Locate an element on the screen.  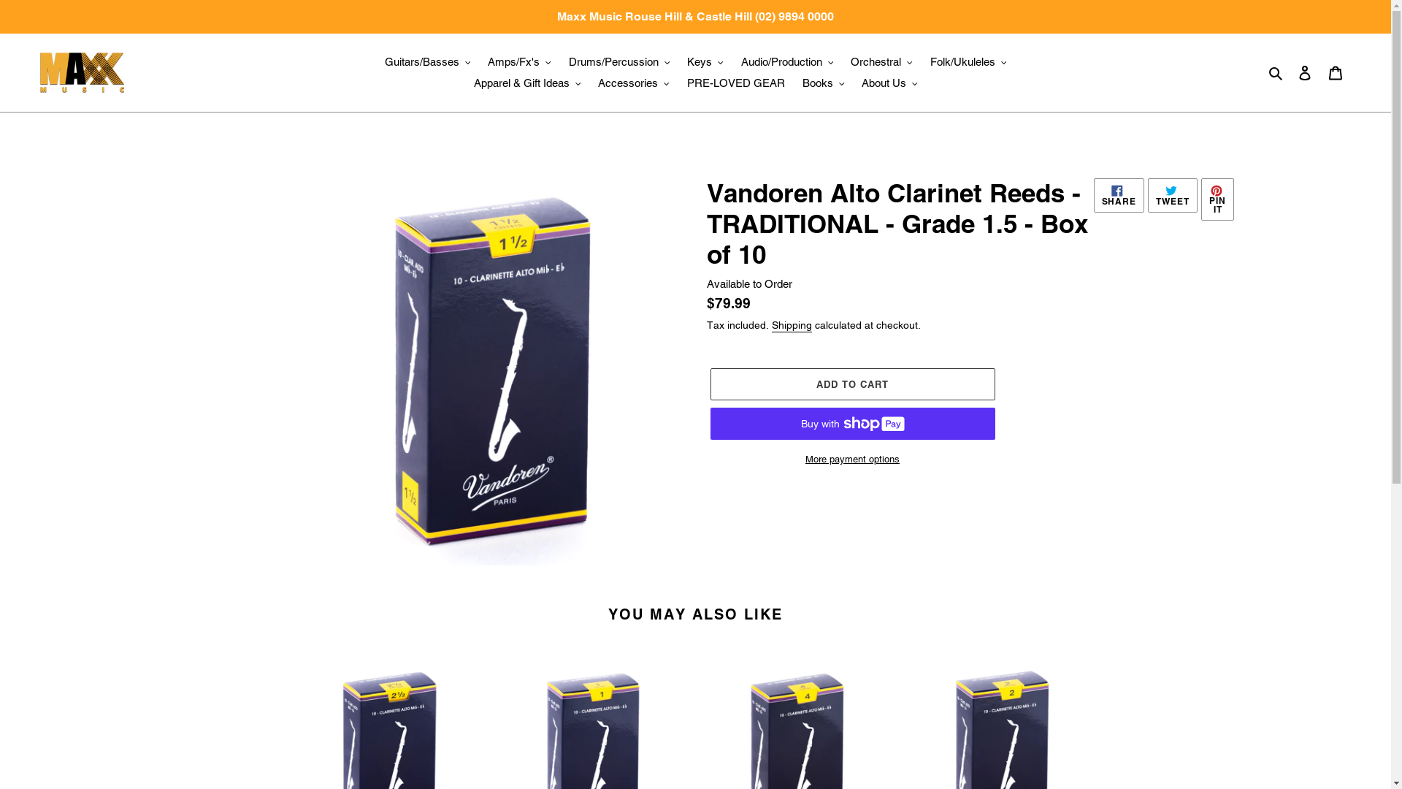
'Keys' is located at coordinates (705, 61).